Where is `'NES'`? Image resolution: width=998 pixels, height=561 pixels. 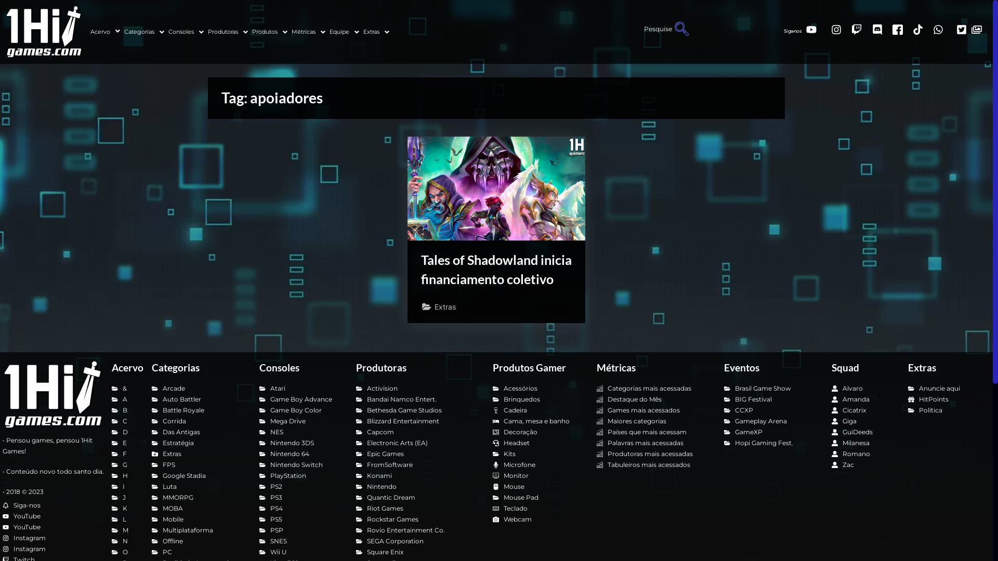
'NES' is located at coordinates (301, 432).